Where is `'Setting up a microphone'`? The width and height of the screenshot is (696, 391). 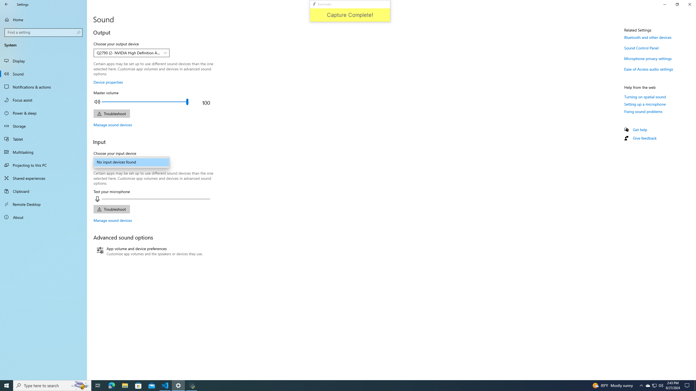
'Setting up a microphone' is located at coordinates (645, 104).